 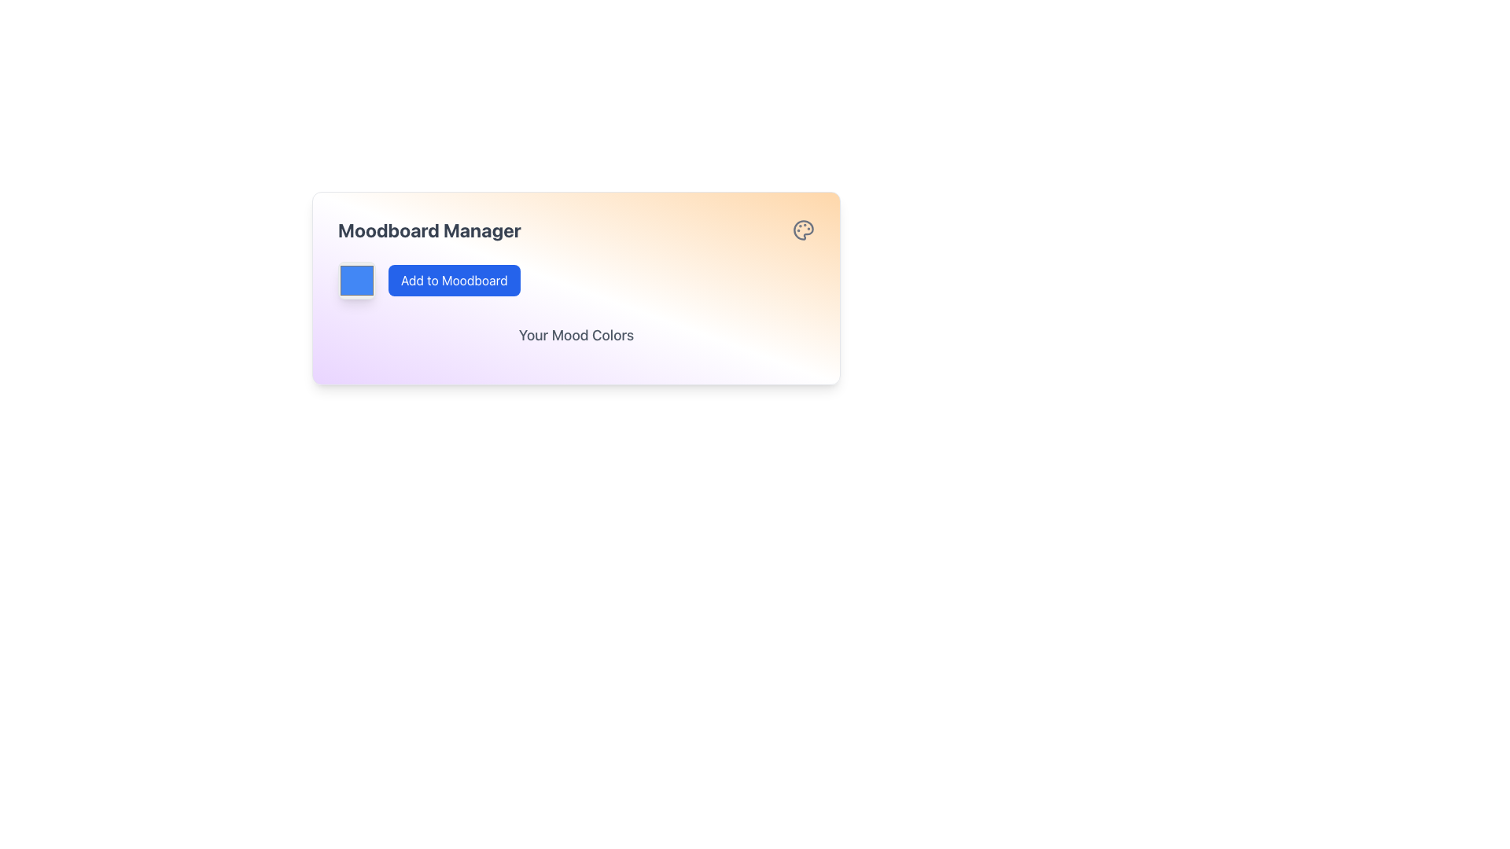 I want to click on the text label displaying 'Your Mood Colors', which is centrally positioned beneath the 'Add to Moodboard' button and styled in bold gray font, so click(x=576, y=335).